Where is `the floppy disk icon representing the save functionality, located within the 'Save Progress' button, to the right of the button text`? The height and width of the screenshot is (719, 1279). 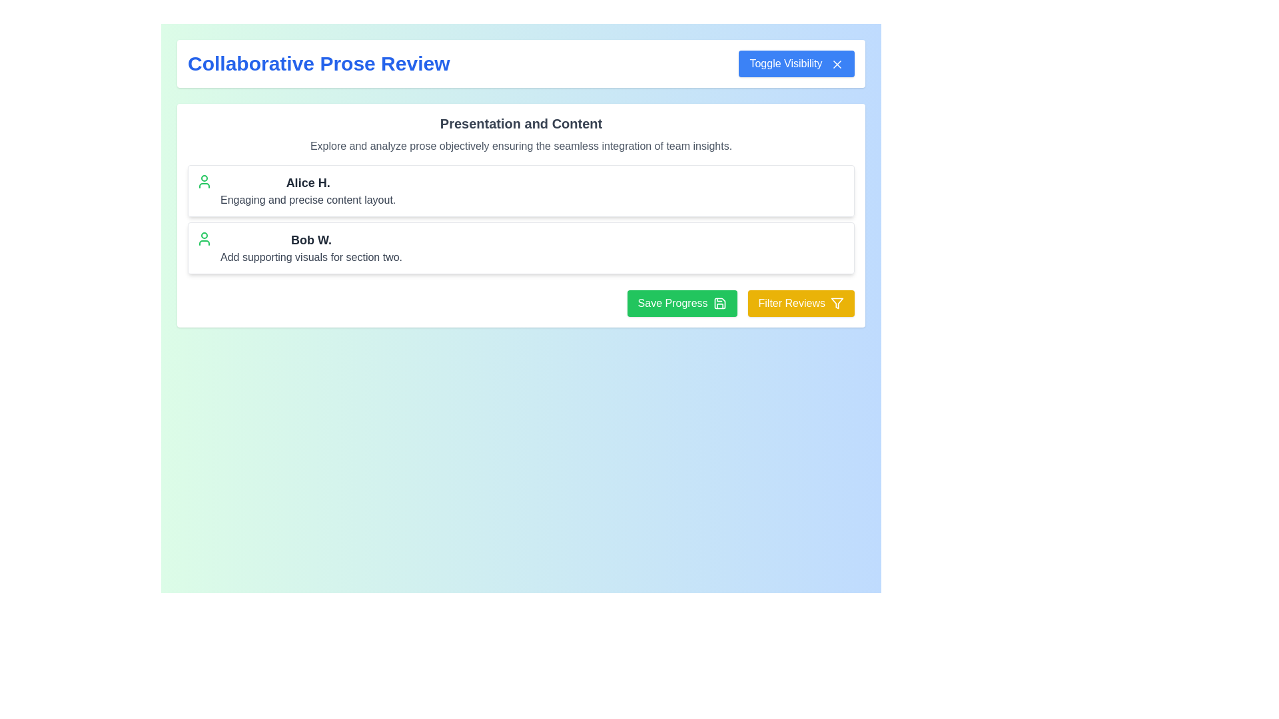
the floppy disk icon representing the save functionality, located within the 'Save Progress' button, to the right of the button text is located at coordinates (719, 303).